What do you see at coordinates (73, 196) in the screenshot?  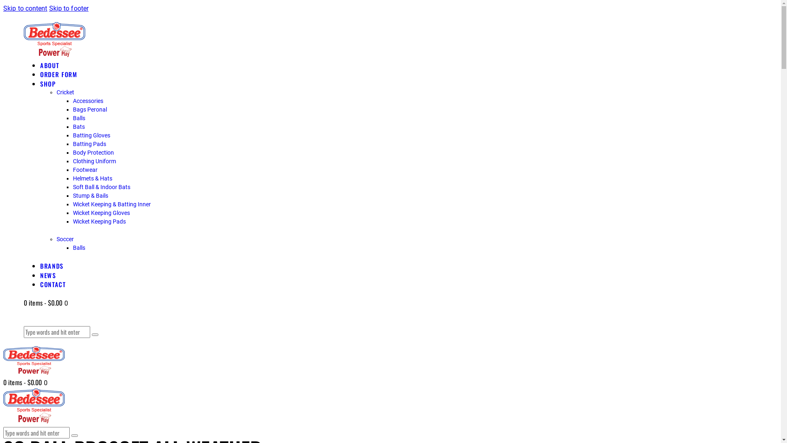 I see `'Stump & Bails'` at bounding box center [73, 196].